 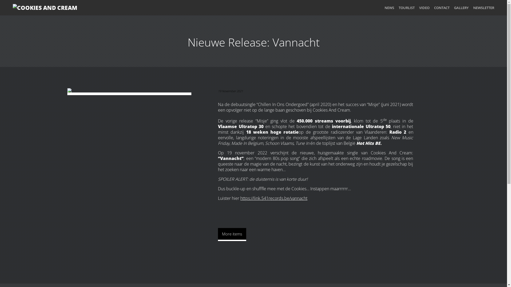 What do you see at coordinates (454, 8) in the screenshot?
I see `'GALLERY'` at bounding box center [454, 8].